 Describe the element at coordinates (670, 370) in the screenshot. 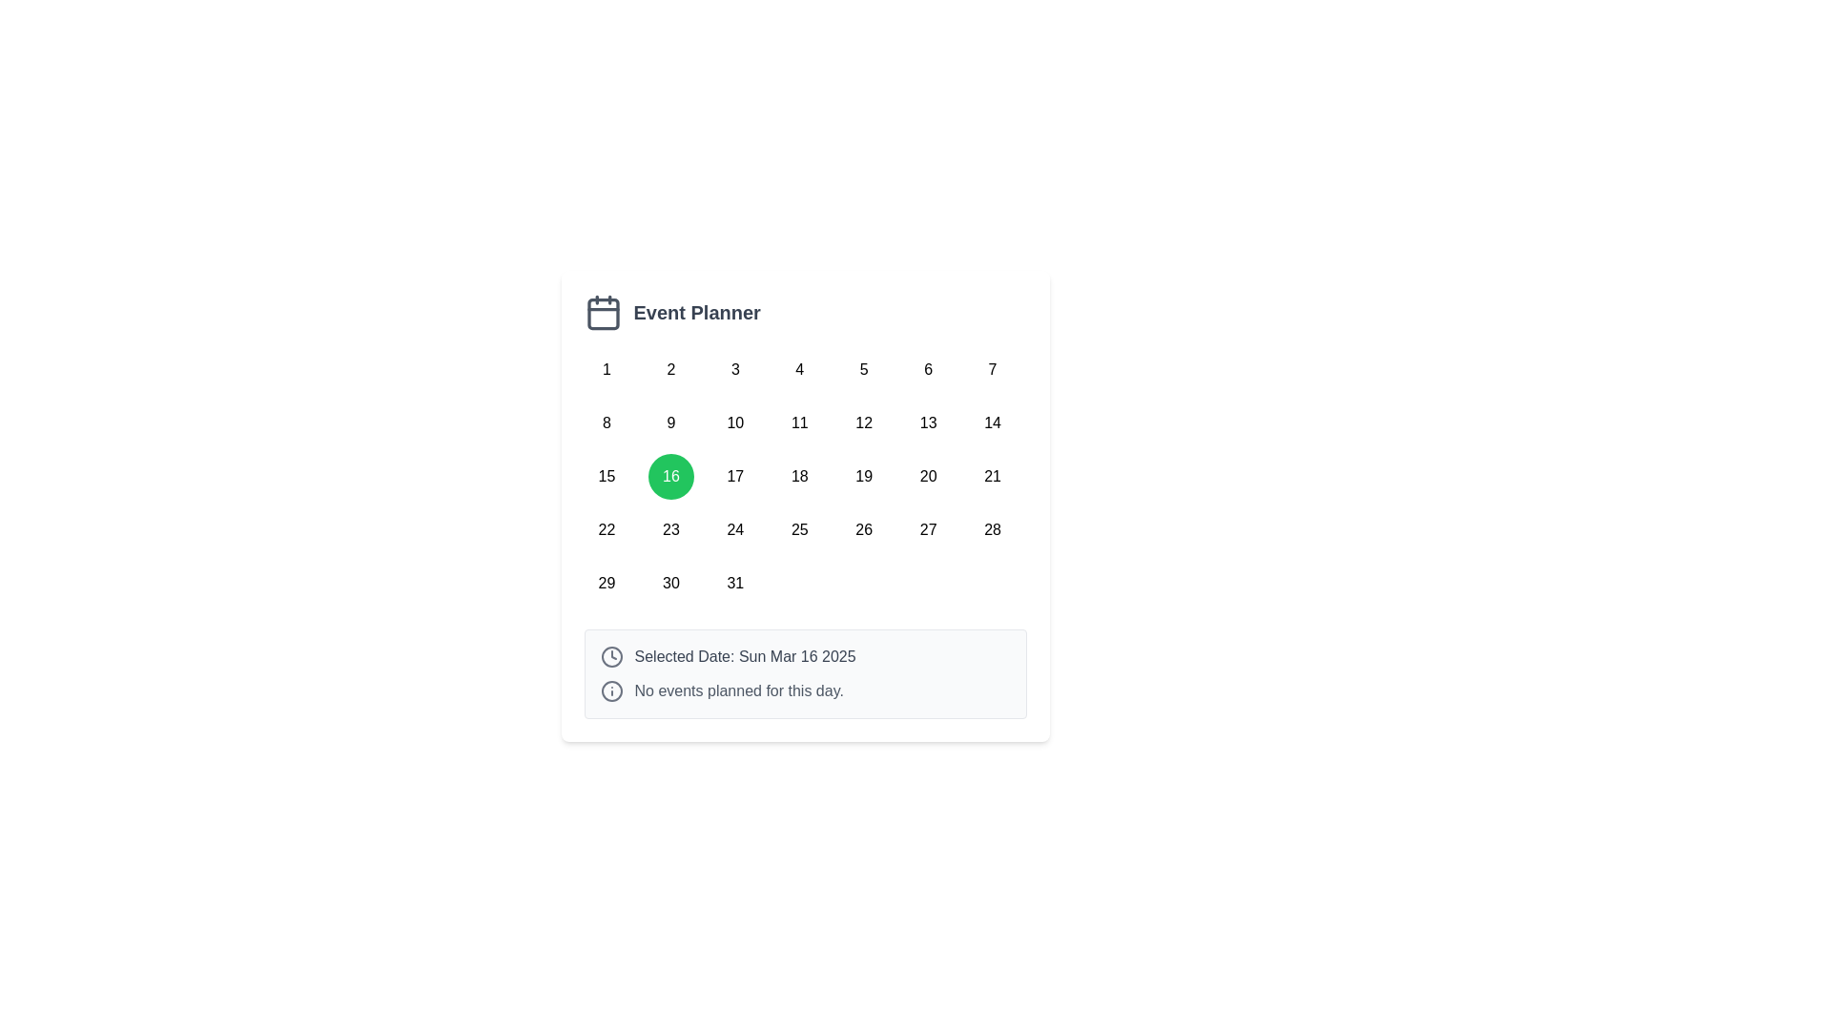

I see `the circular button labeled '2'` at that location.